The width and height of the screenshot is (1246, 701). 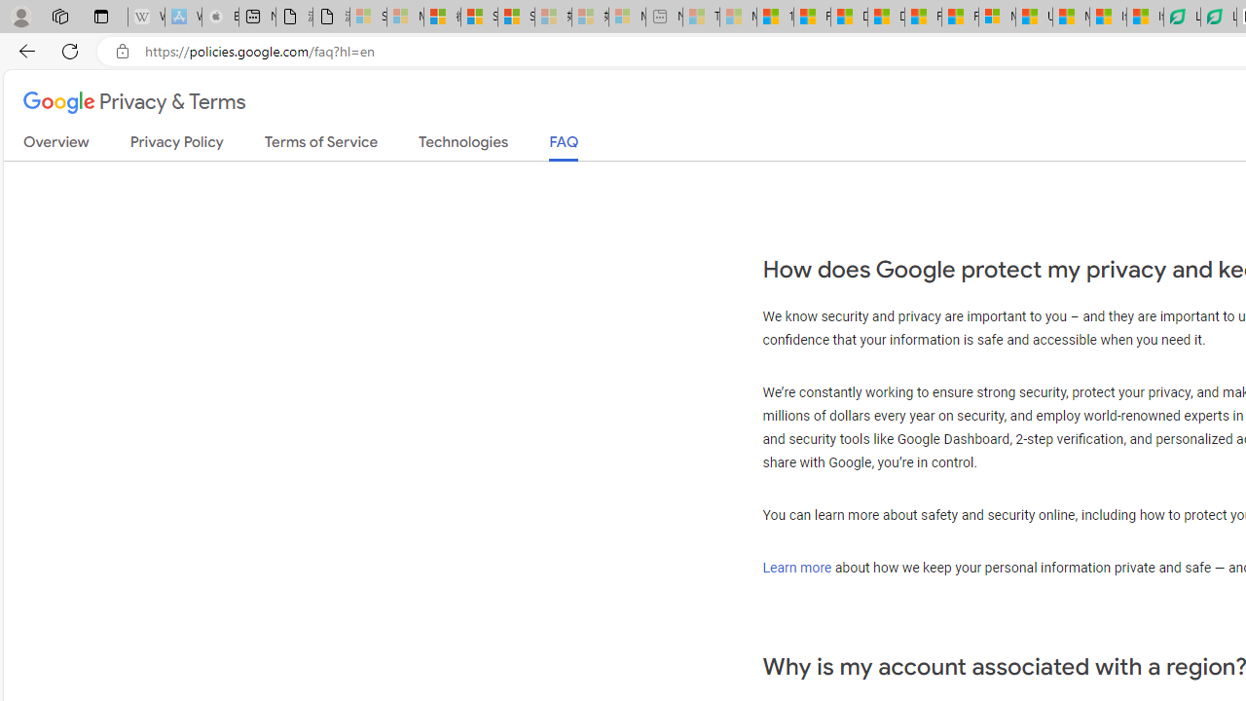 What do you see at coordinates (219, 17) in the screenshot?
I see `'Buy iPad - Apple - Sleeping'` at bounding box center [219, 17].